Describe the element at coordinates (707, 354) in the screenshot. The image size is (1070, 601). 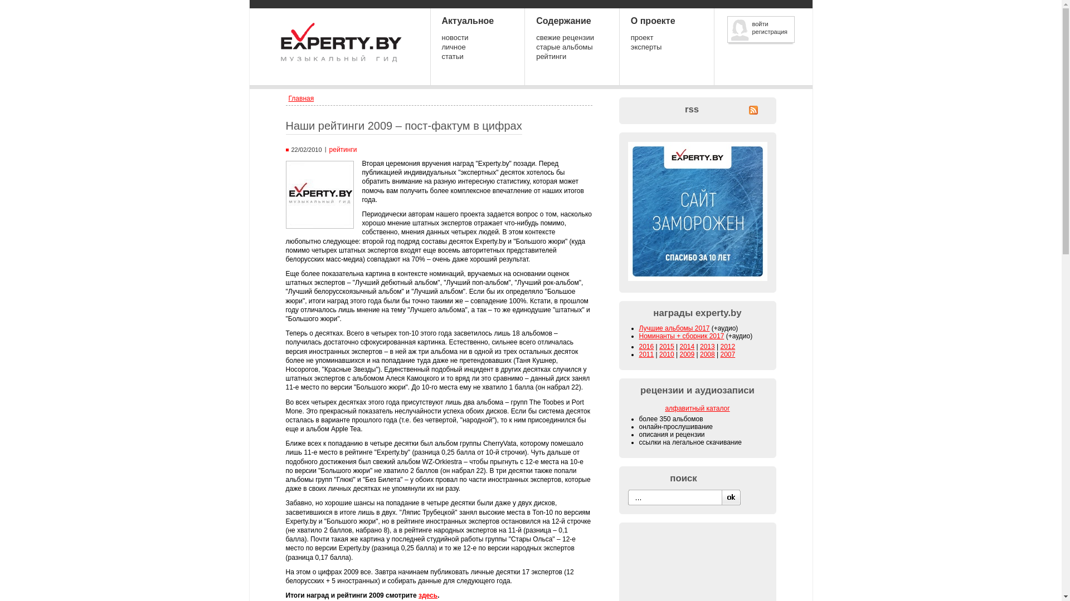
I see `'2008'` at that location.